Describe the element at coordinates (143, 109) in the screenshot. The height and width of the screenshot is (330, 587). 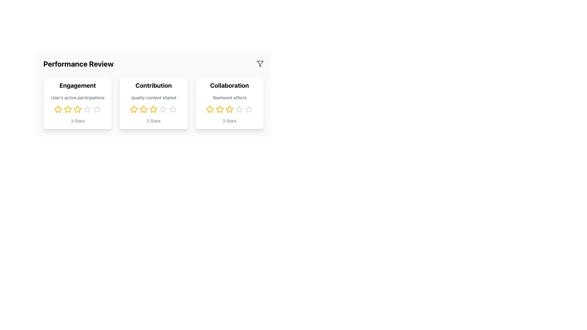
I see `the third star icon in the rating system under the 'Contribution' card` at that location.